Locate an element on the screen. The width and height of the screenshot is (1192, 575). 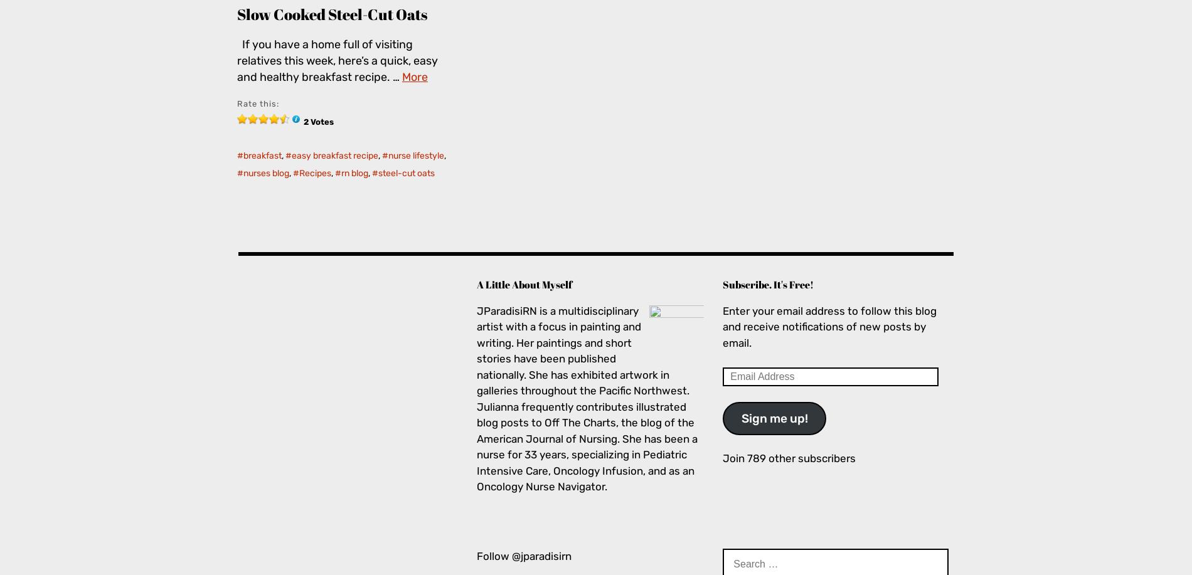
'steel-cut oats' is located at coordinates (407, 173).